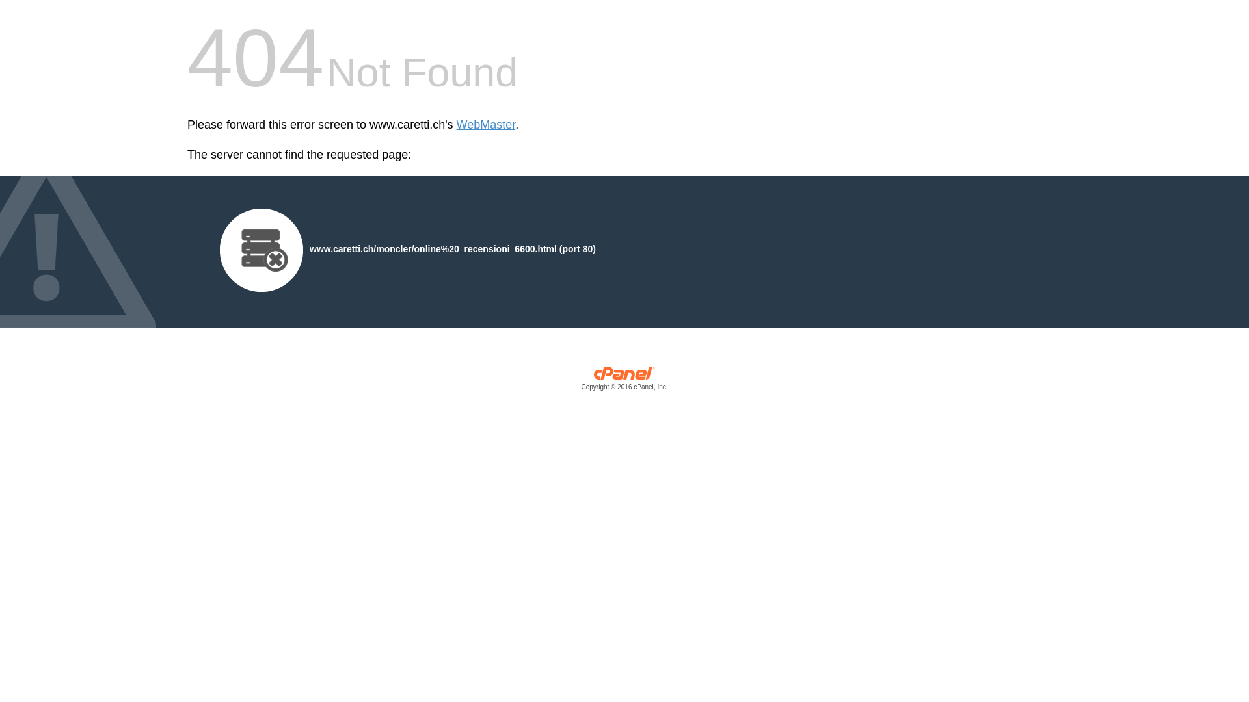 The image size is (1249, 702). Describe the element at coordinates (485, 125) in the screenshot. I see `'WebMaster'` at that location.